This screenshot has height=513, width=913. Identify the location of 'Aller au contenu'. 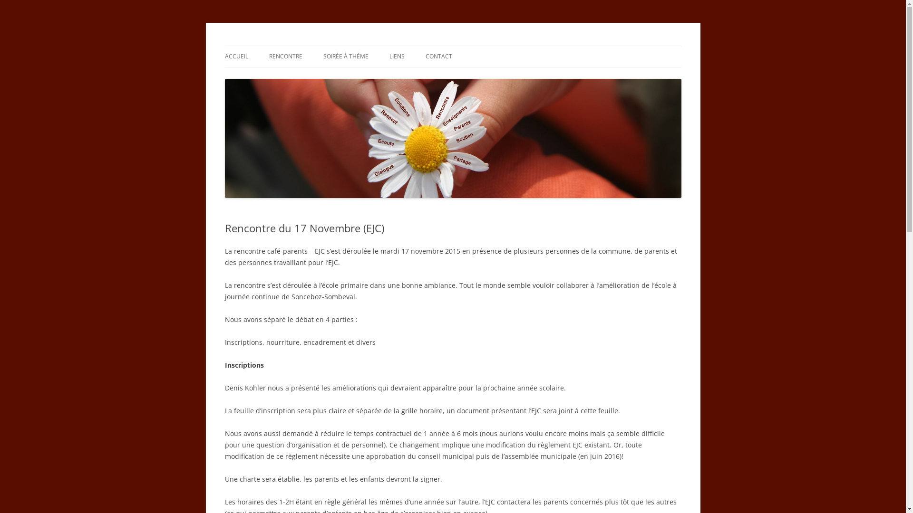
(452, 46).